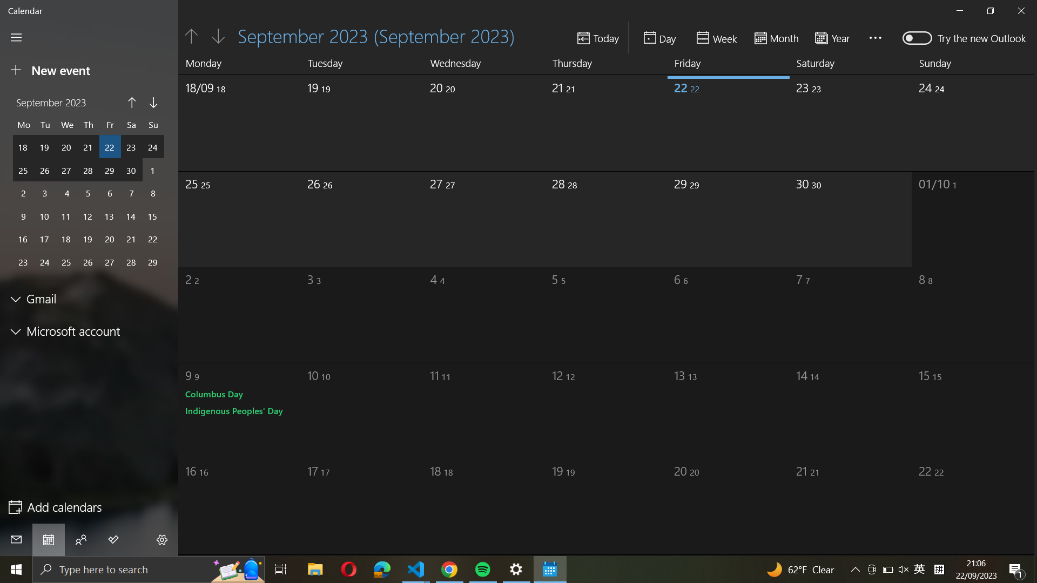 The image size is (1037, 583). What do you see at coordinates (836, 37) in the screenshot?
I see `Switch the display setting to yearly view` at bounding box center [836, 37].